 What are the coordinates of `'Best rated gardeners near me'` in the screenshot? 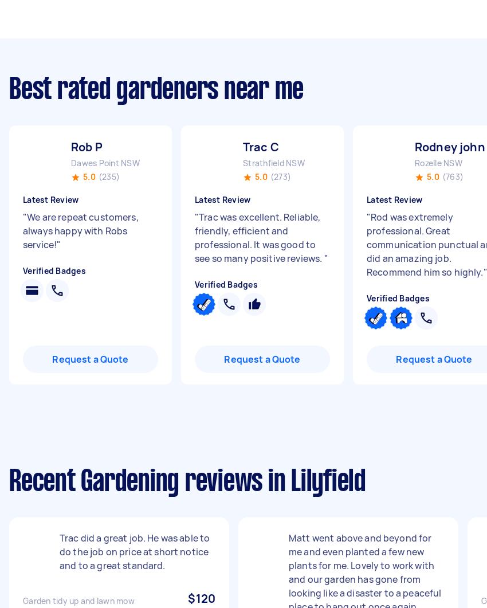 It's located at (156, 90).